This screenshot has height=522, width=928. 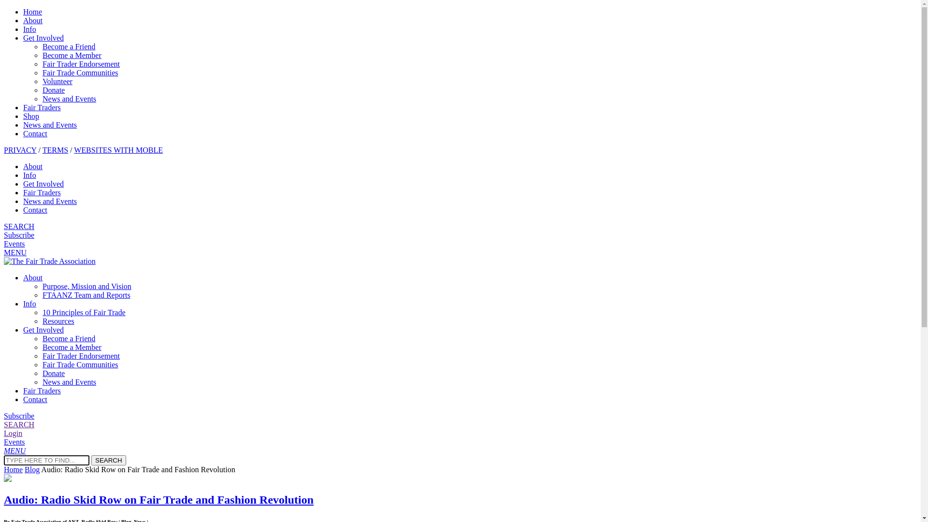 I want to click on 'SEARCH', so click(x=19, y=424).